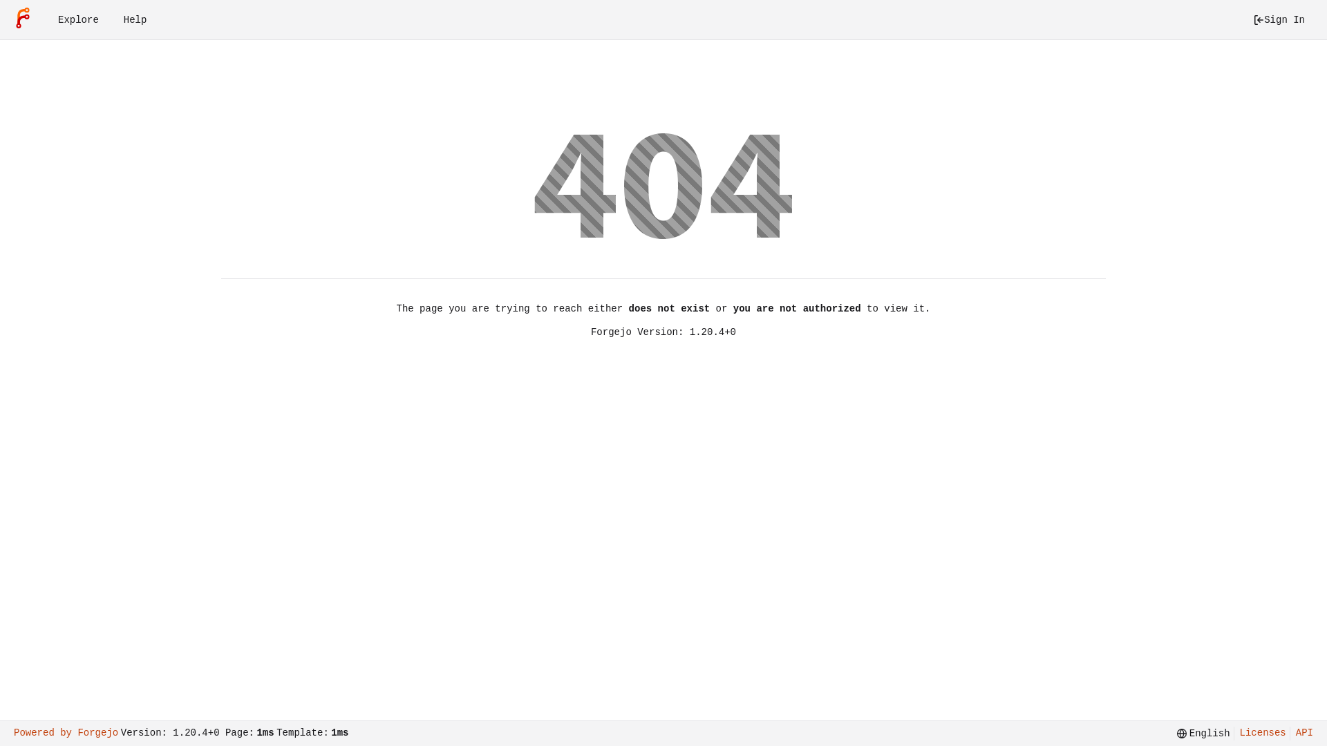 This screenshot has height=746, width=1327. Describe the element at coordinates (1289, 732) in the screenshot. I see `'API'` at that location.